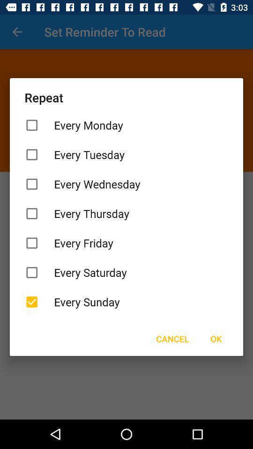 This screenshot has height=449, width=253. I want to click on item below the every saturday icon, so click(126, 301).